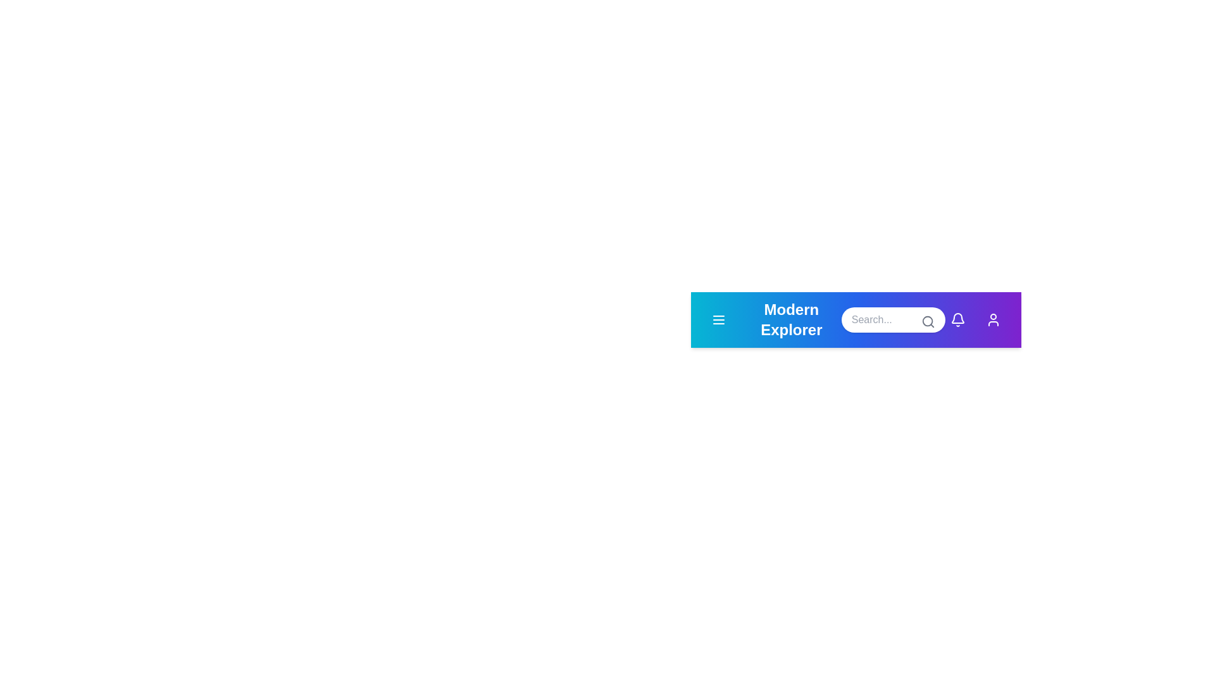  What do you see at coordinates (992, 319) in the screenshot?
I see `the user icon to view user profile options` at bounding box center [992, 319].